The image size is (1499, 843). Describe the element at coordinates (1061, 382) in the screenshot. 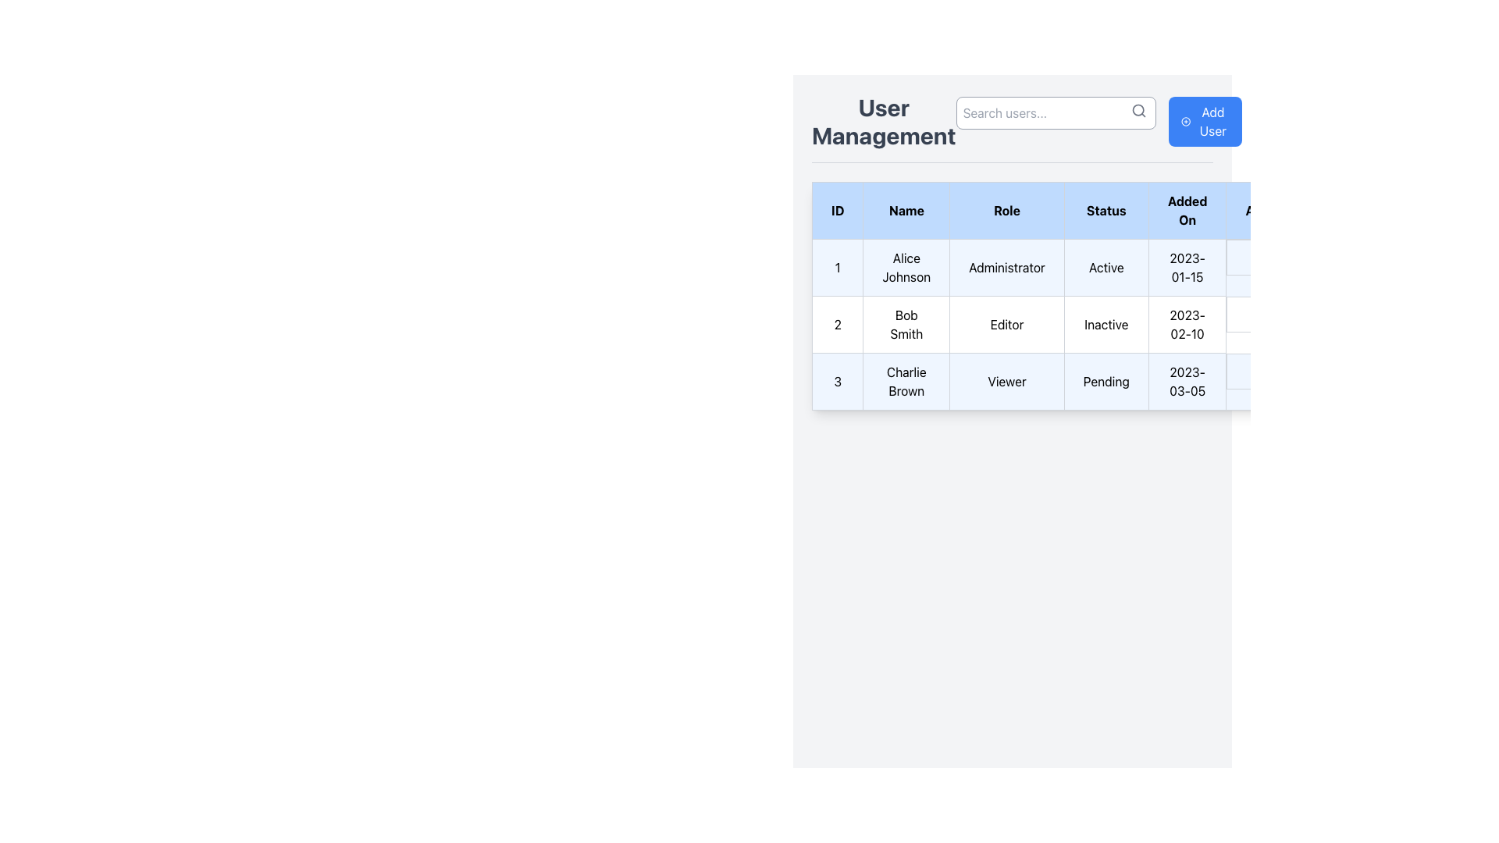

I see `the table row containing information for 'Charlie Brown', which includes ID '3', name 'Charlie Brown', role 'Viewer', status 'Pending', and date '2023-03-05'. This row is styled with a light blue background and is the third row in the table` at that location.